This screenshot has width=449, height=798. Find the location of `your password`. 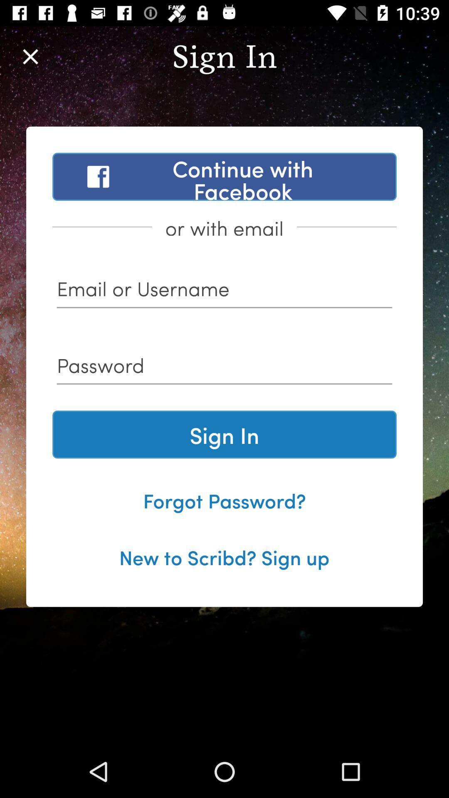

your password is located at coordinates (224, 368).